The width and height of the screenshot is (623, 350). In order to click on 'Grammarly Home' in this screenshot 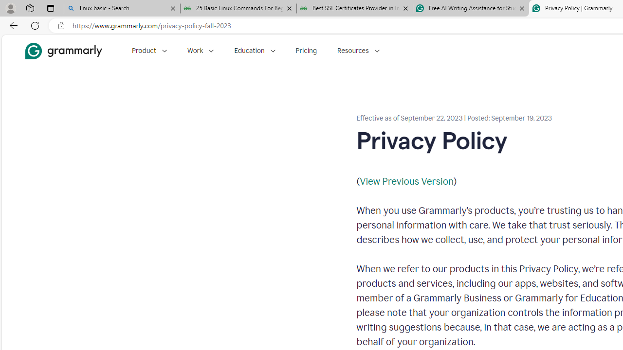, I will do `click(63, 51)`.